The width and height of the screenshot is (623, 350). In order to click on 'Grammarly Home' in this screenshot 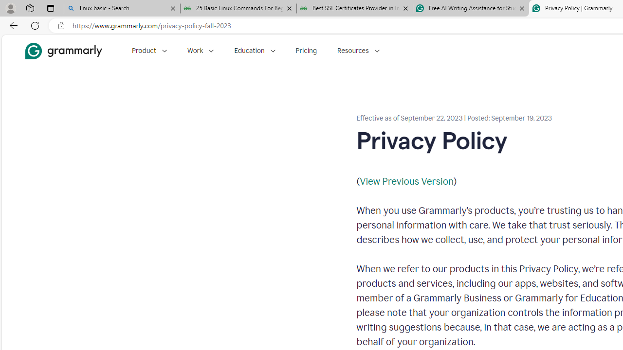, I will do `click(63, 51)`.